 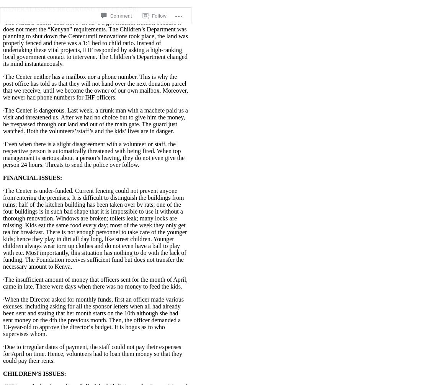 I want to click on 'GENERAL ISSUES REGARDING THE CENTER:', so click(x=70, y=9).